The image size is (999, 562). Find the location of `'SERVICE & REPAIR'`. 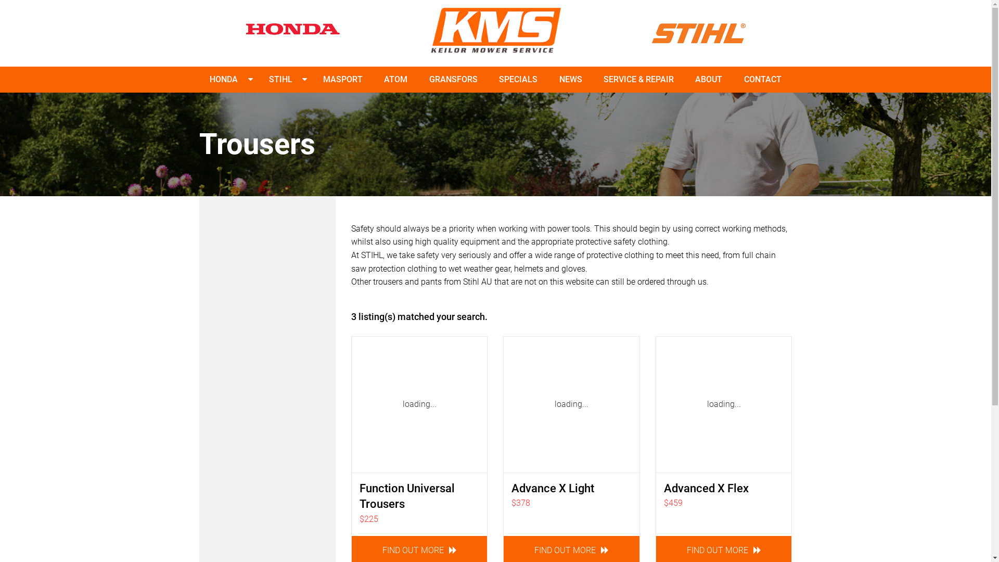

'SERVICE & REPAIR' is located at coordinates (638, 79).